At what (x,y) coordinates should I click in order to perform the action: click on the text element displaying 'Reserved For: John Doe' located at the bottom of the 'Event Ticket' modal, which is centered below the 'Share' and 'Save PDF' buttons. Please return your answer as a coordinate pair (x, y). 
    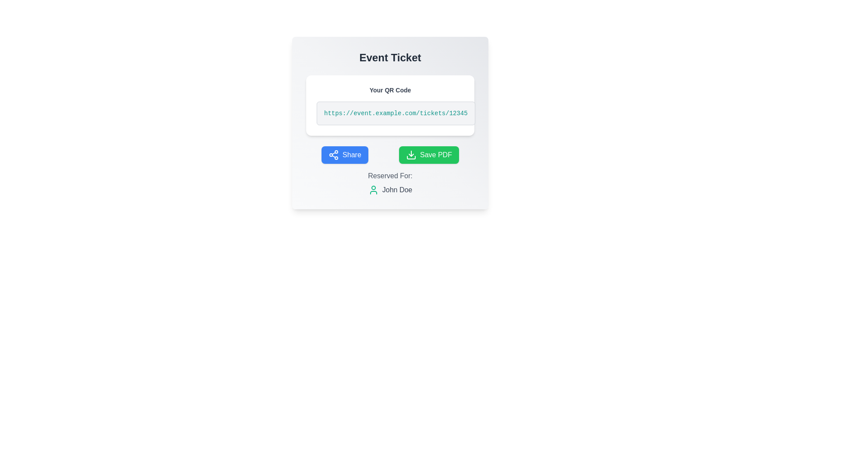
    Looking at the image, I should click on (390, 182).